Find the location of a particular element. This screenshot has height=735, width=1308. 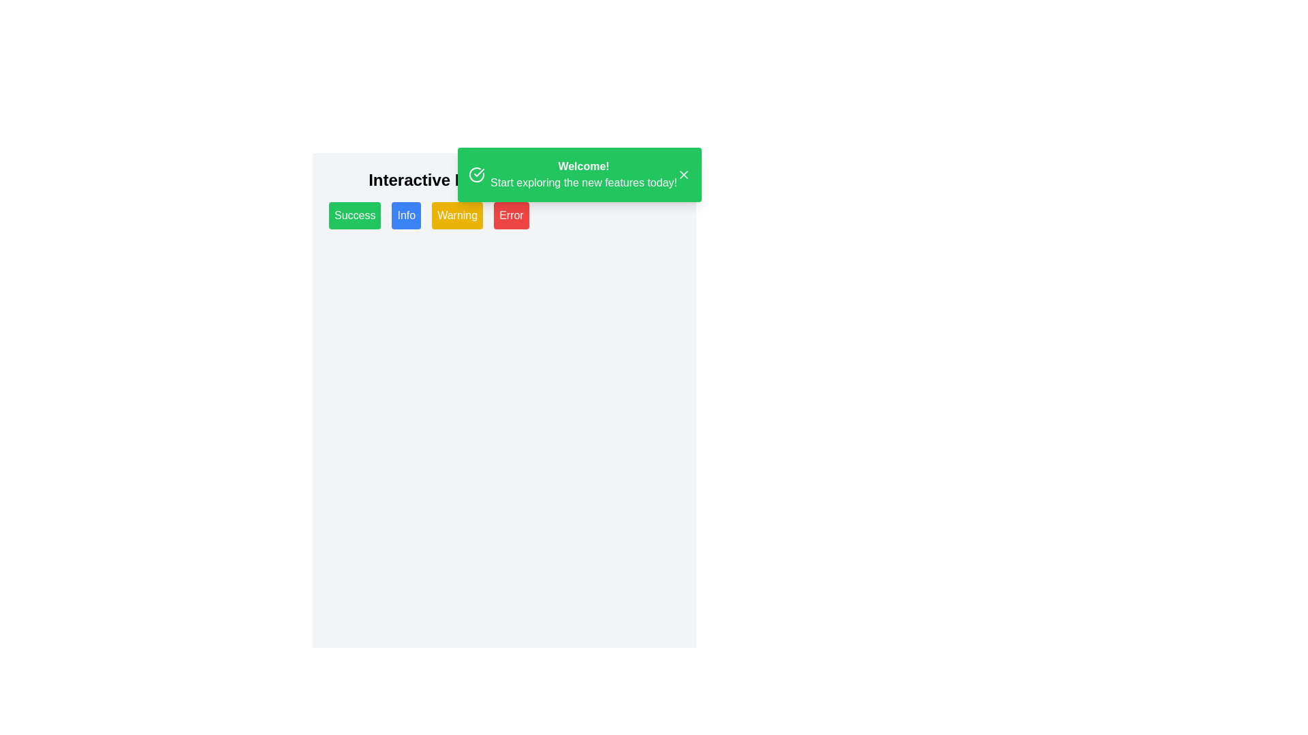

the 'Info' button, which is the second button in a group of four, located near the top-left of the interface, between the 'Success' button and the 'Warning' button is located at coordinates (405, 214).